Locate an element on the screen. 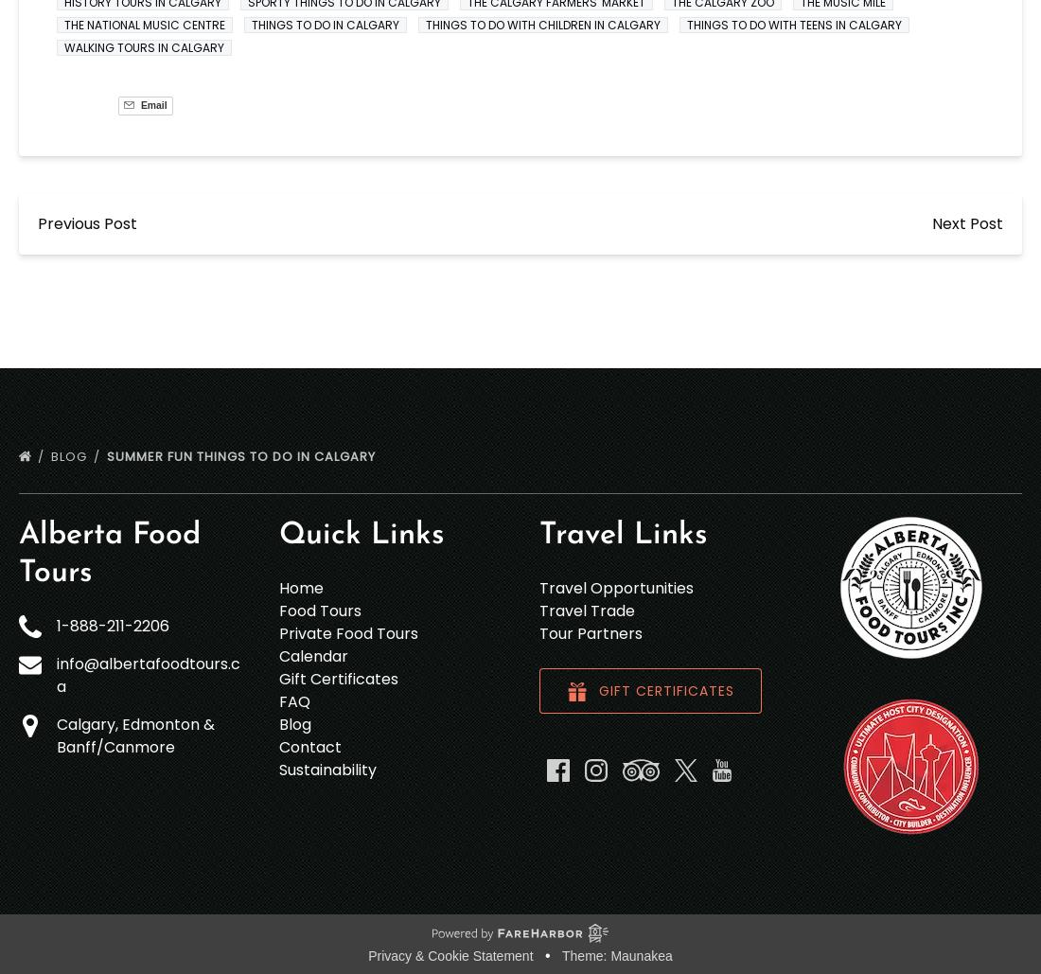 The width and height of the screenshot is (1041, 974). 'things to do with teens in Calgary' is located at coordinates (686, 24).